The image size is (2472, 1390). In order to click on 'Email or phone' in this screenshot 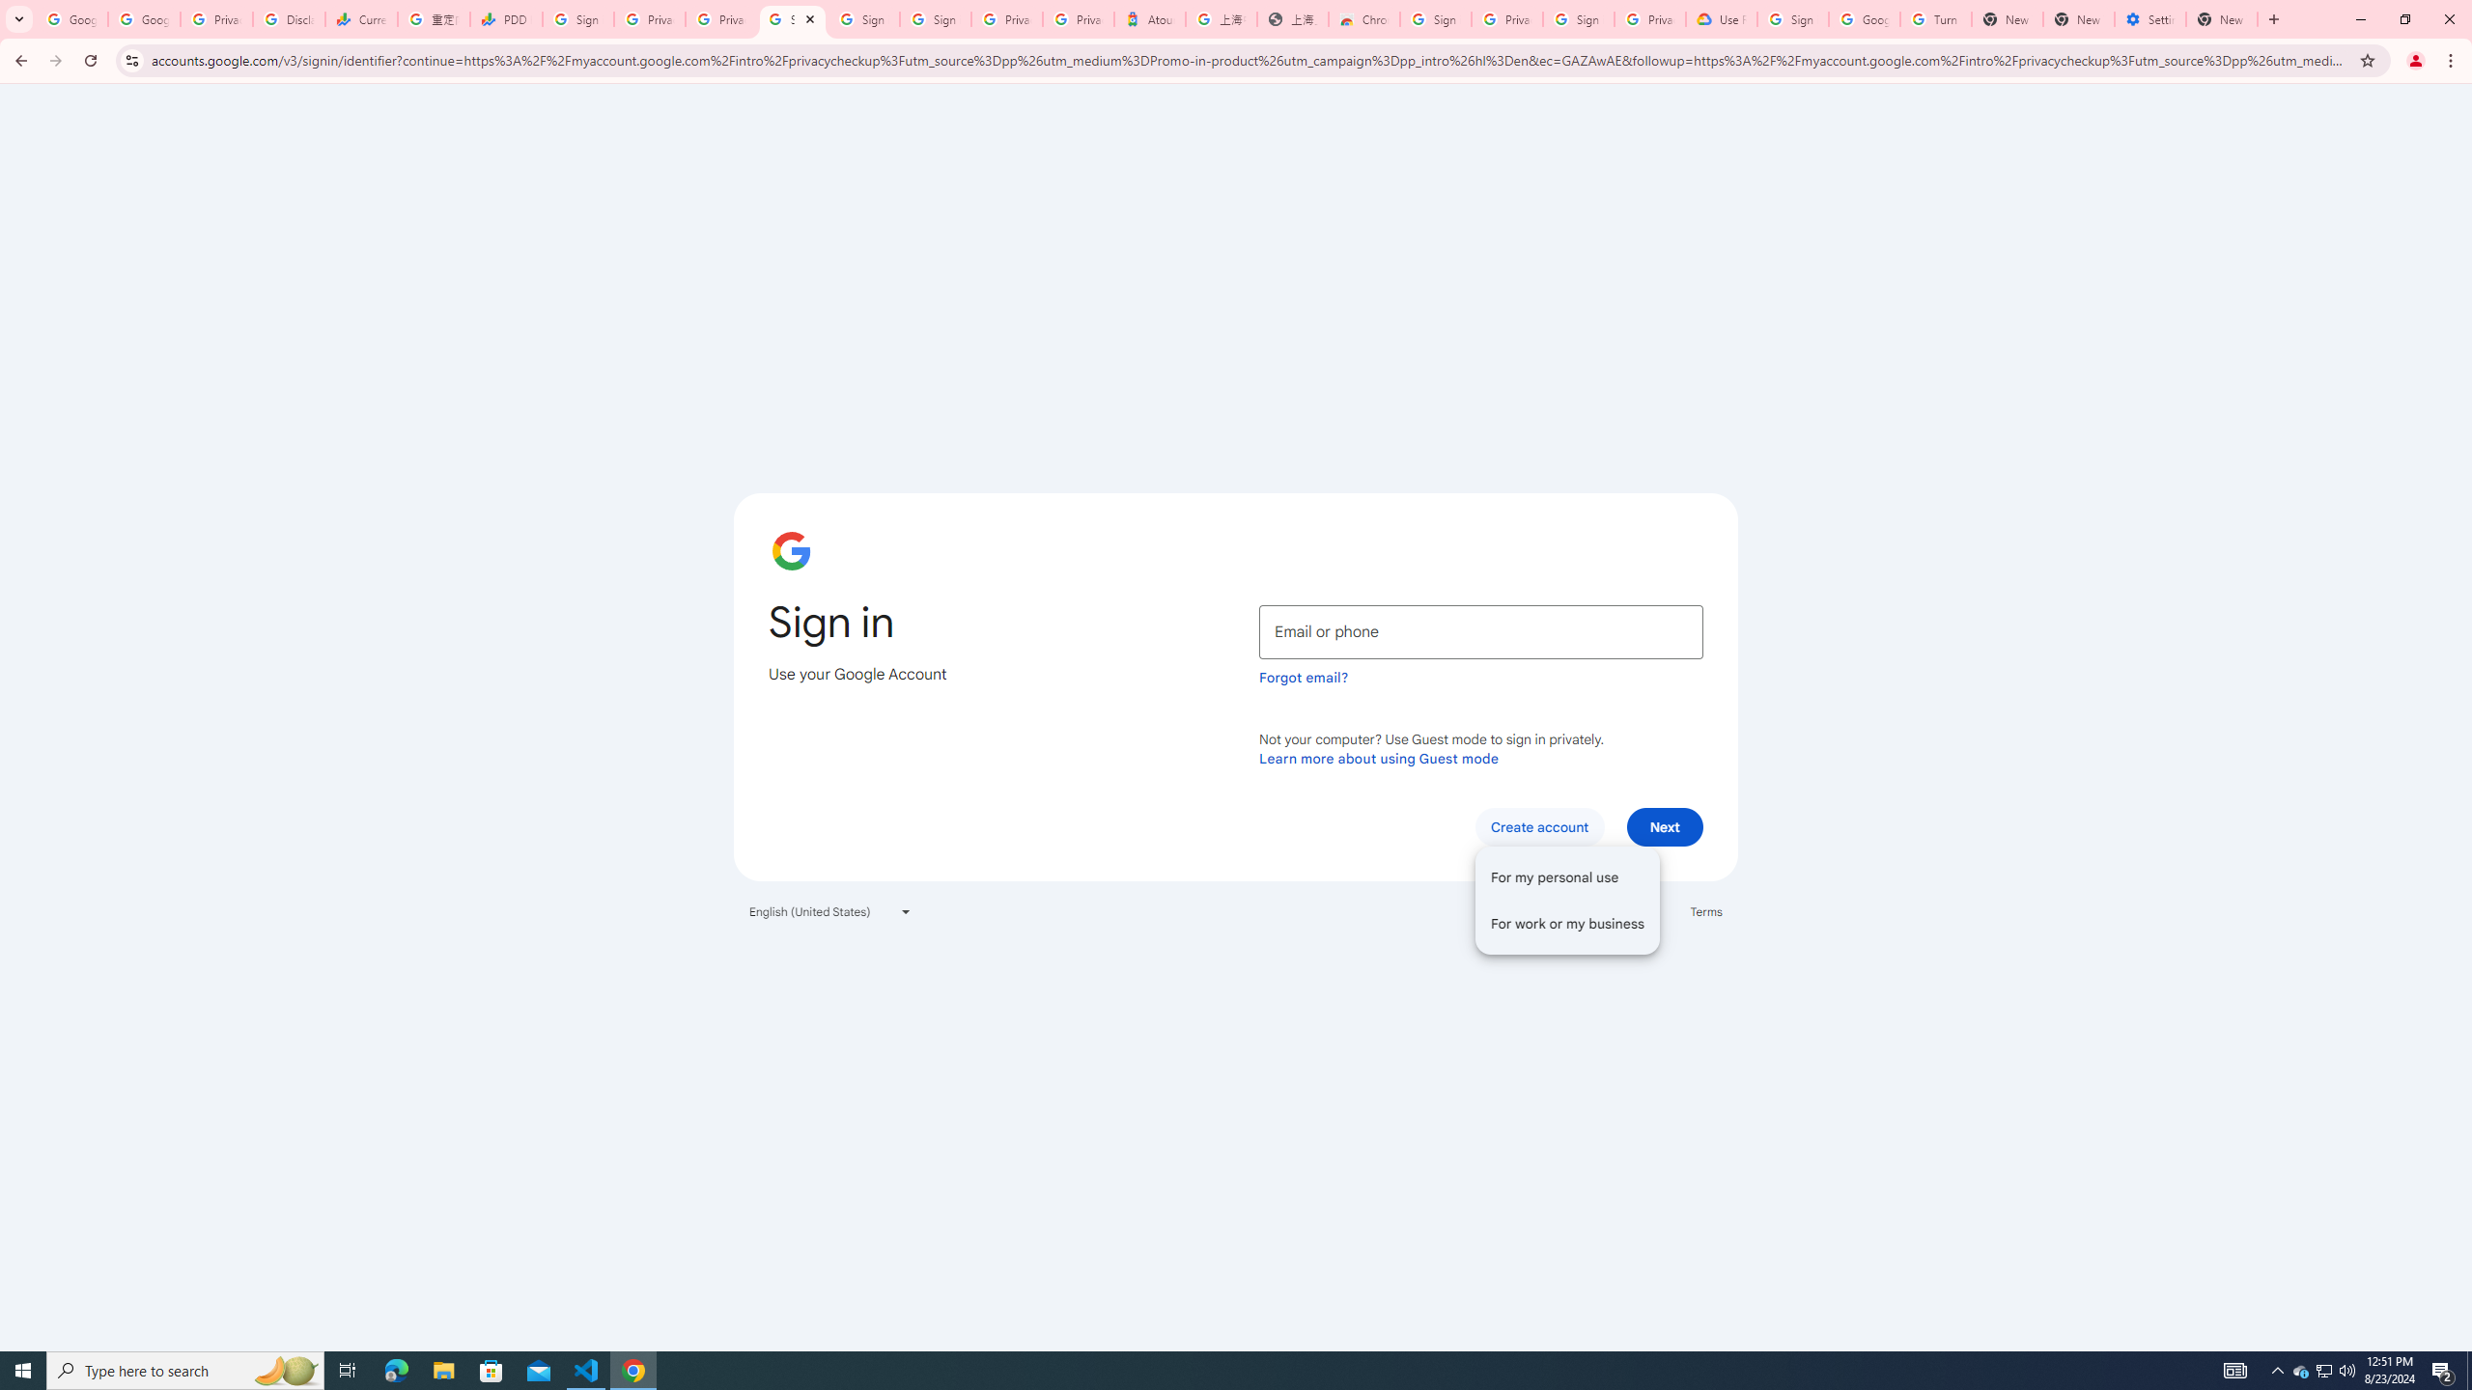, I will do `click(1480, 631)`.